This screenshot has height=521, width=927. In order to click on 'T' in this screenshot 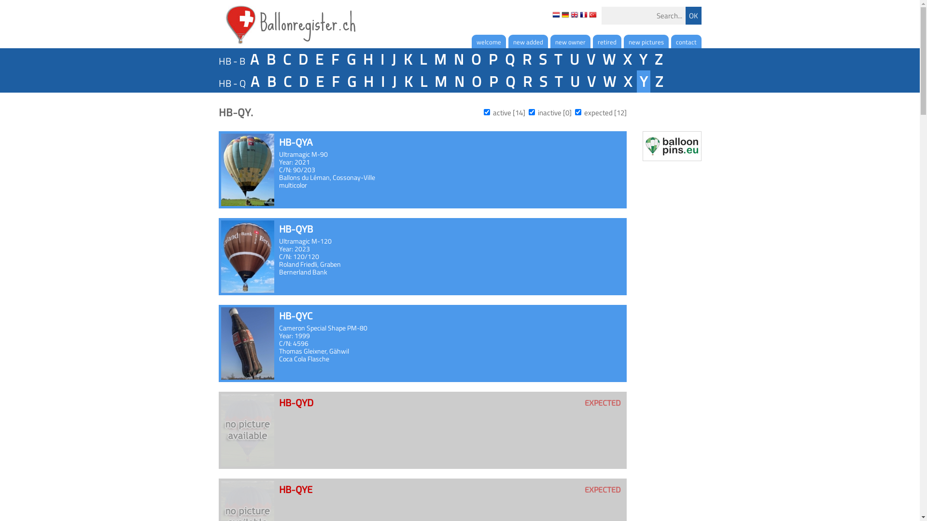, I will do `click(558, 59)`.